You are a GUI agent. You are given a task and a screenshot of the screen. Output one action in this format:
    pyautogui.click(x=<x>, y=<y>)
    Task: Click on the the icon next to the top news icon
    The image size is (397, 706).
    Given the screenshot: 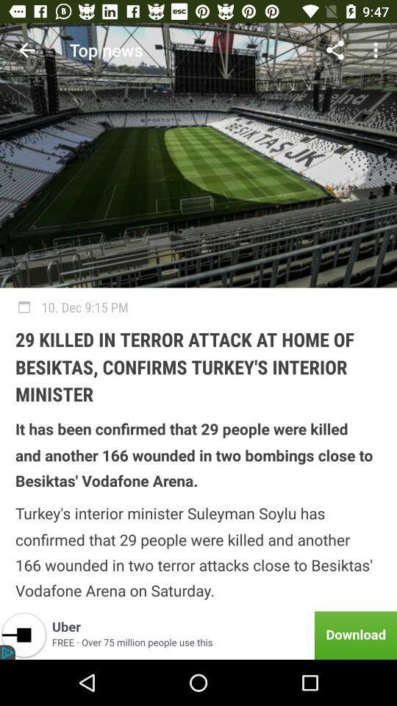 What is the action you would take?
    pyautogui.click(x=26, y=50)
    